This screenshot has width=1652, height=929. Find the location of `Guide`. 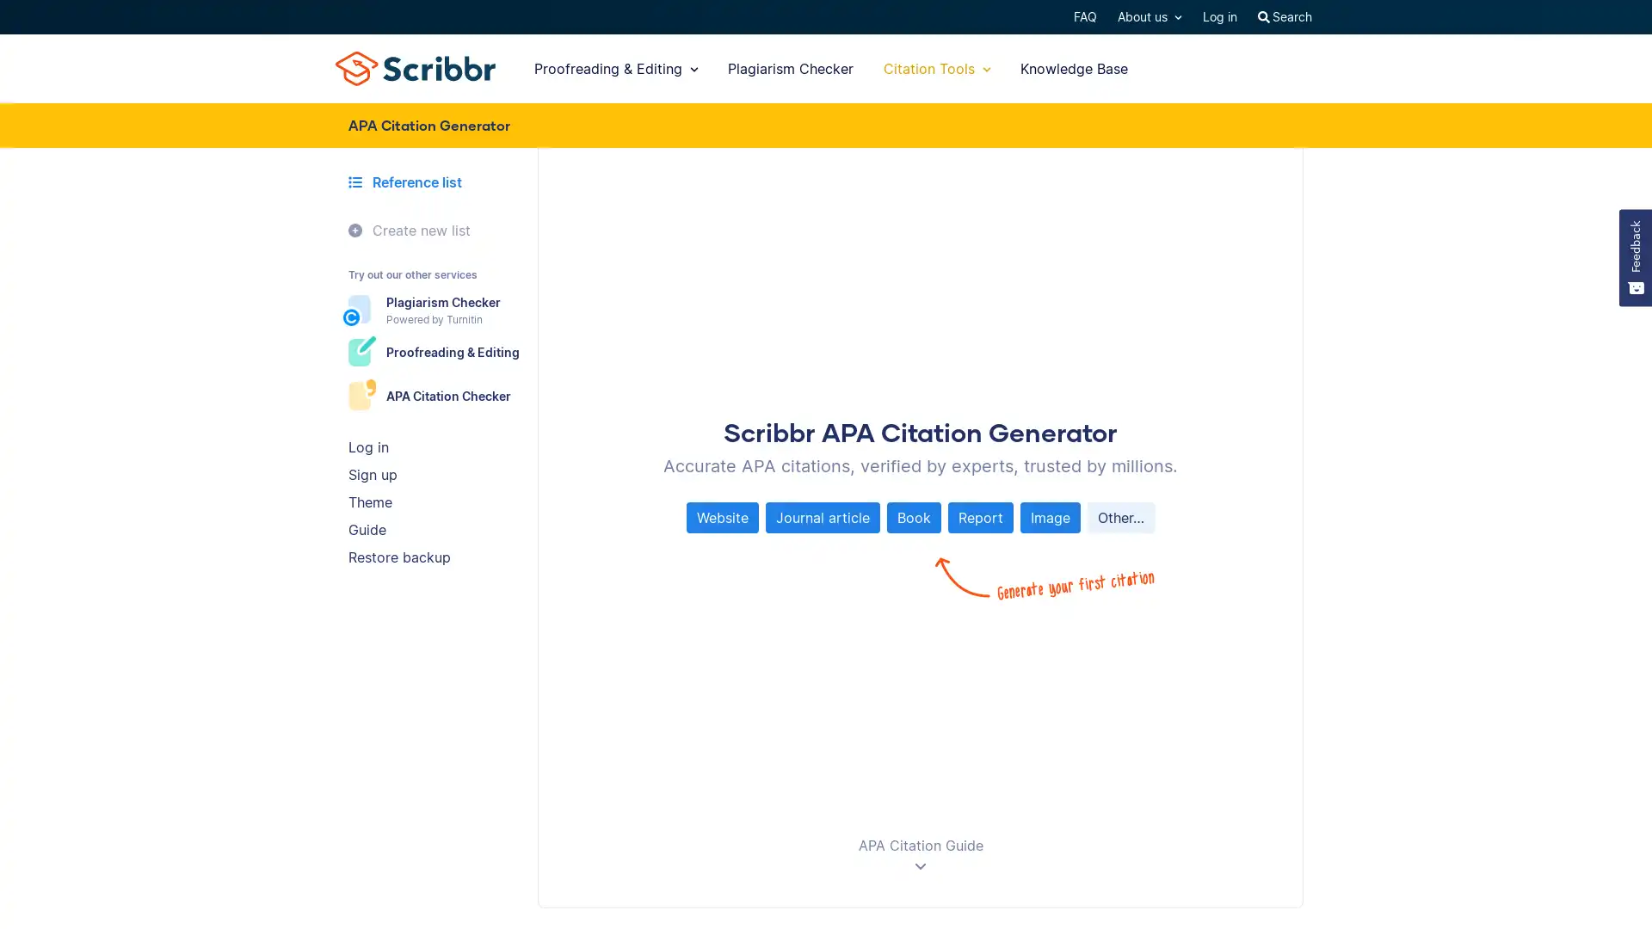

Guide is located at coordinates (437, 527).